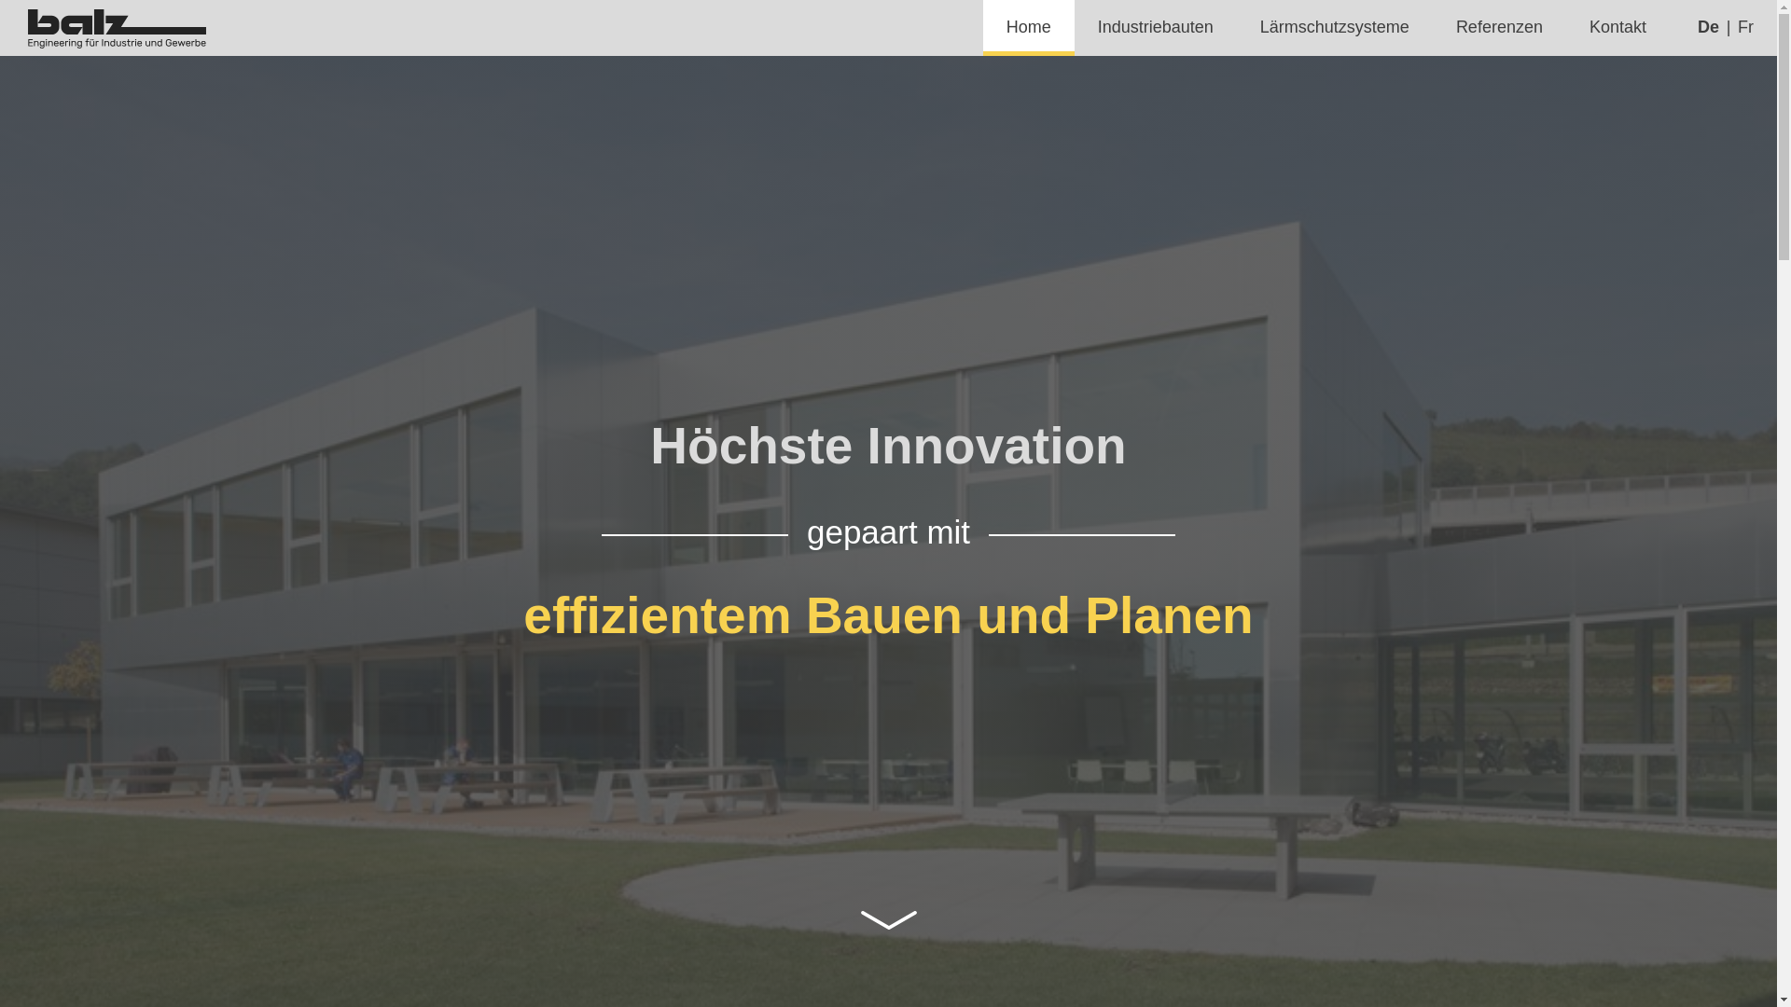 The image size is (1791, 1007). I want to click on 'Kontakt', so click(1617, 28).